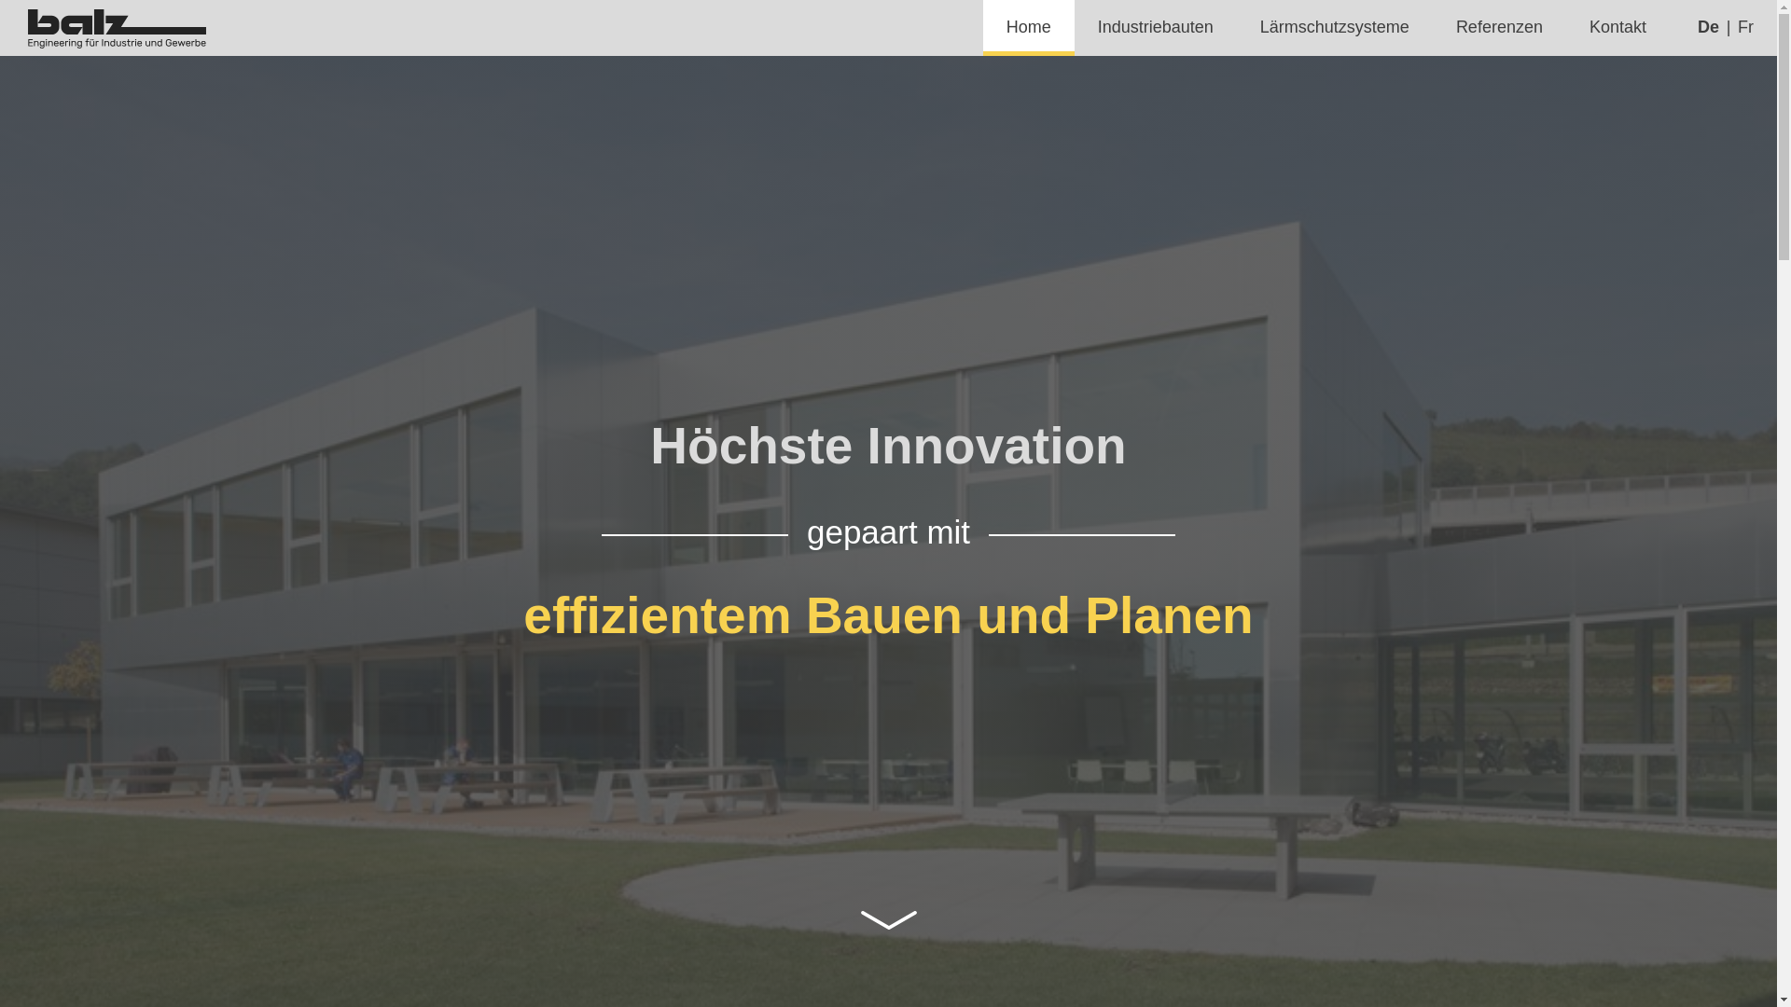 The image size is (1791, 1007). I want to click on 'Kontakt', so click(1617, 28).